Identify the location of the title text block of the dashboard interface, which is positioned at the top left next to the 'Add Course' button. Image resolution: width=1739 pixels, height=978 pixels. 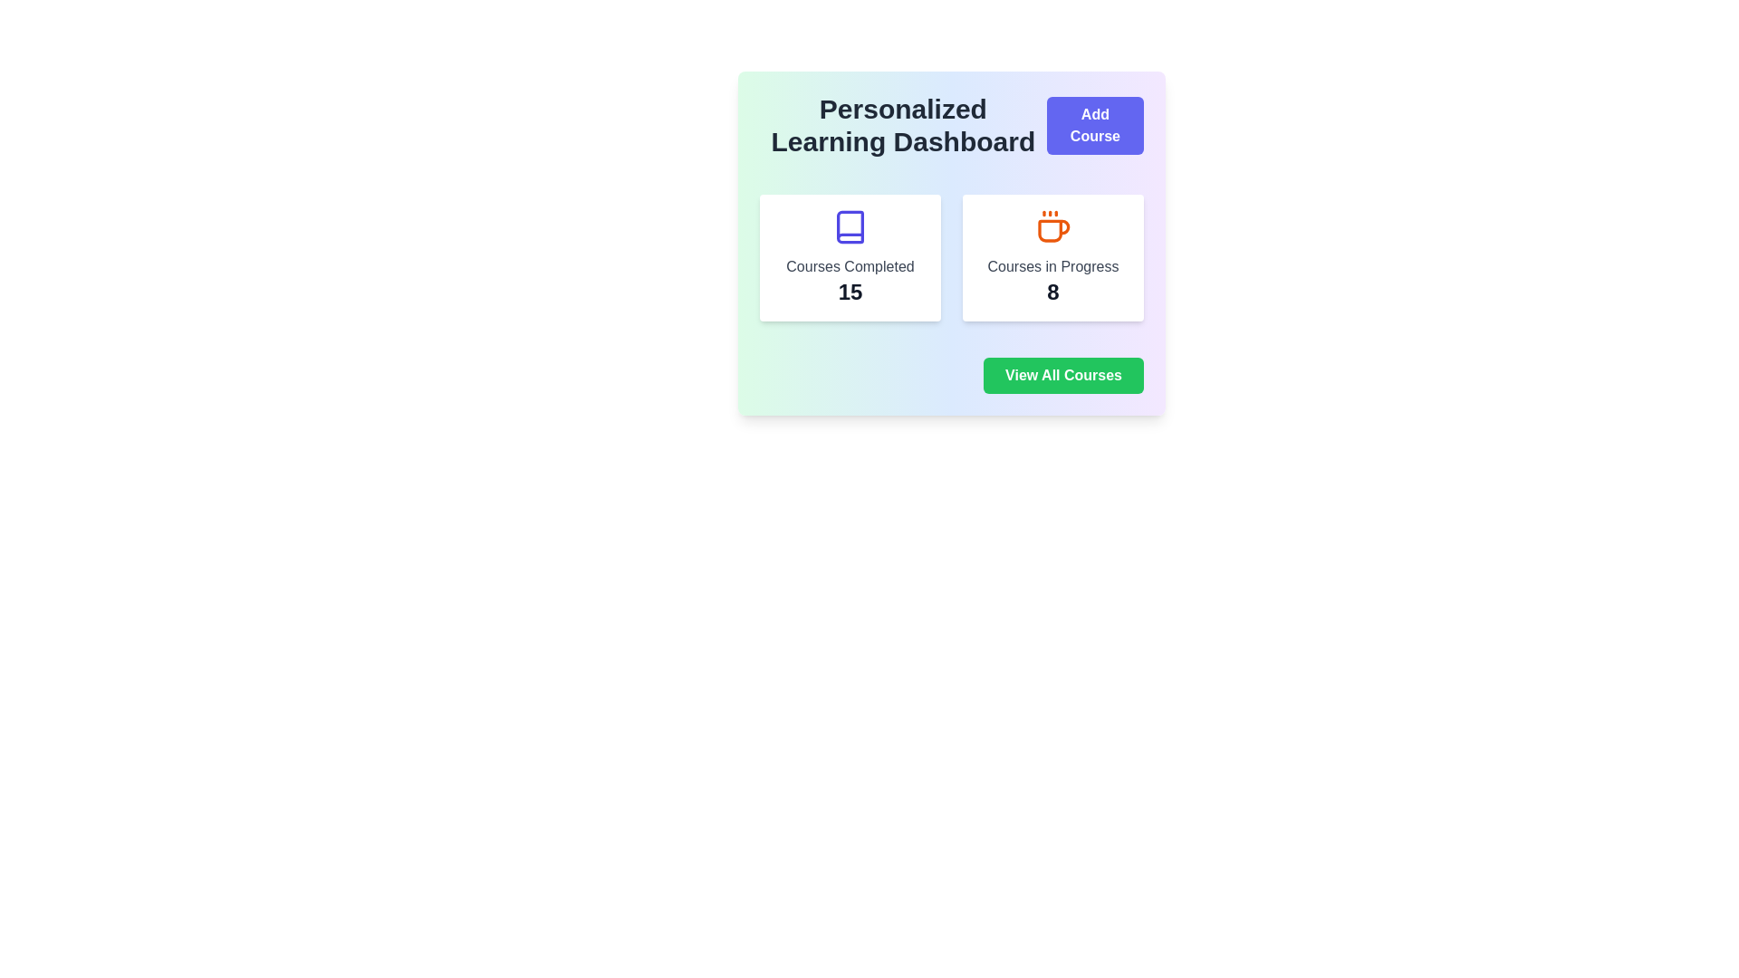
(903, 124).